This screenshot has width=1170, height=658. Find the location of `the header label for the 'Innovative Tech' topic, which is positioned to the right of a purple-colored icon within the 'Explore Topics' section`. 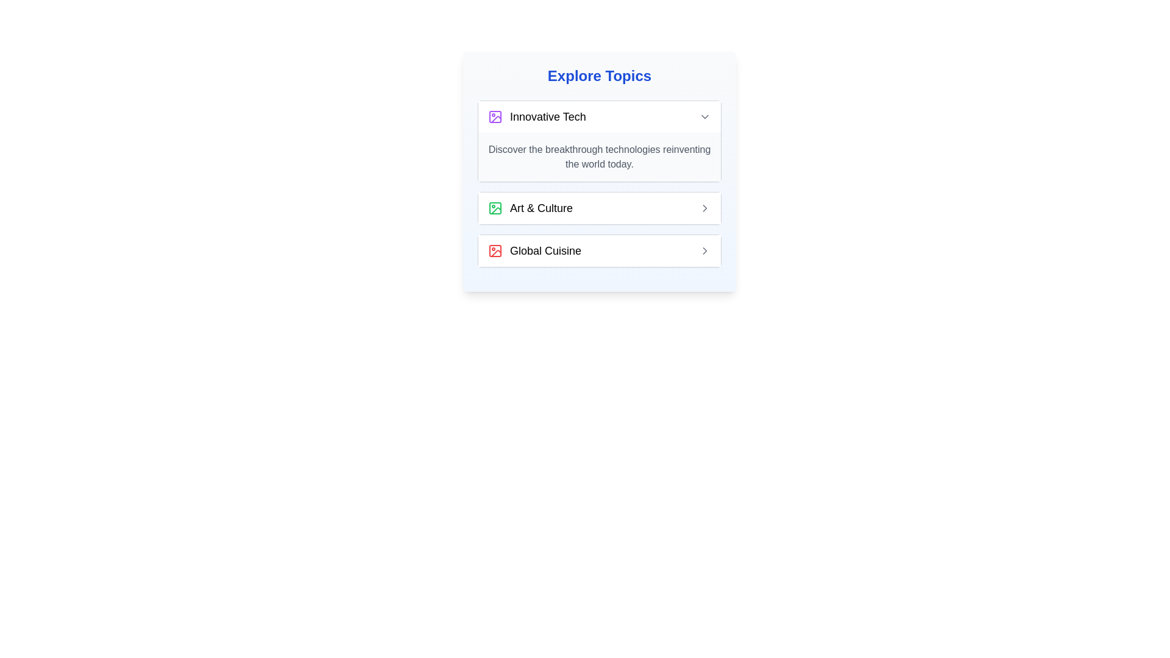

the header label for the 'Innovative Tech' topic, which is positioned to the right of a purple-colored icon within the 'Explore Topics' section is located at coordinates (547, 117).